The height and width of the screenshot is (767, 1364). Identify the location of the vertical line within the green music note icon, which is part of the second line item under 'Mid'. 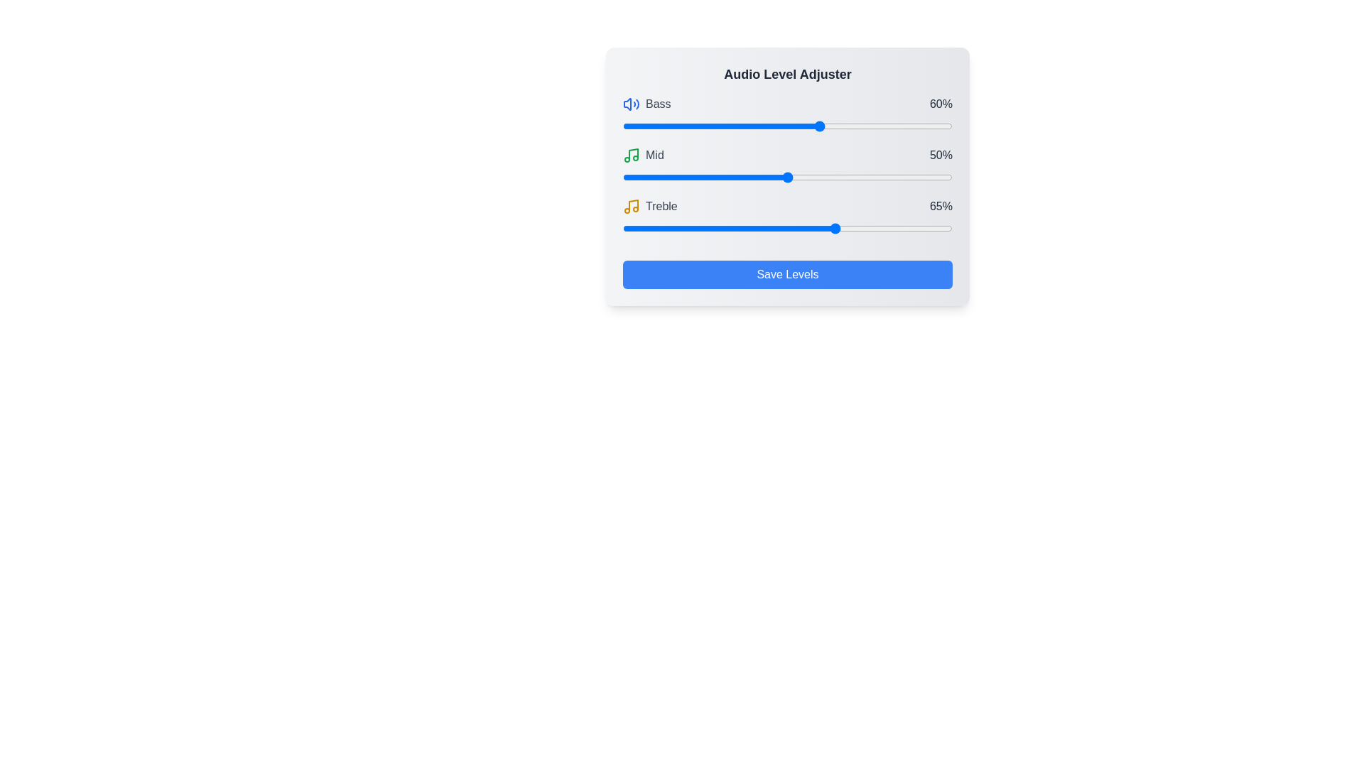
(633, 154).